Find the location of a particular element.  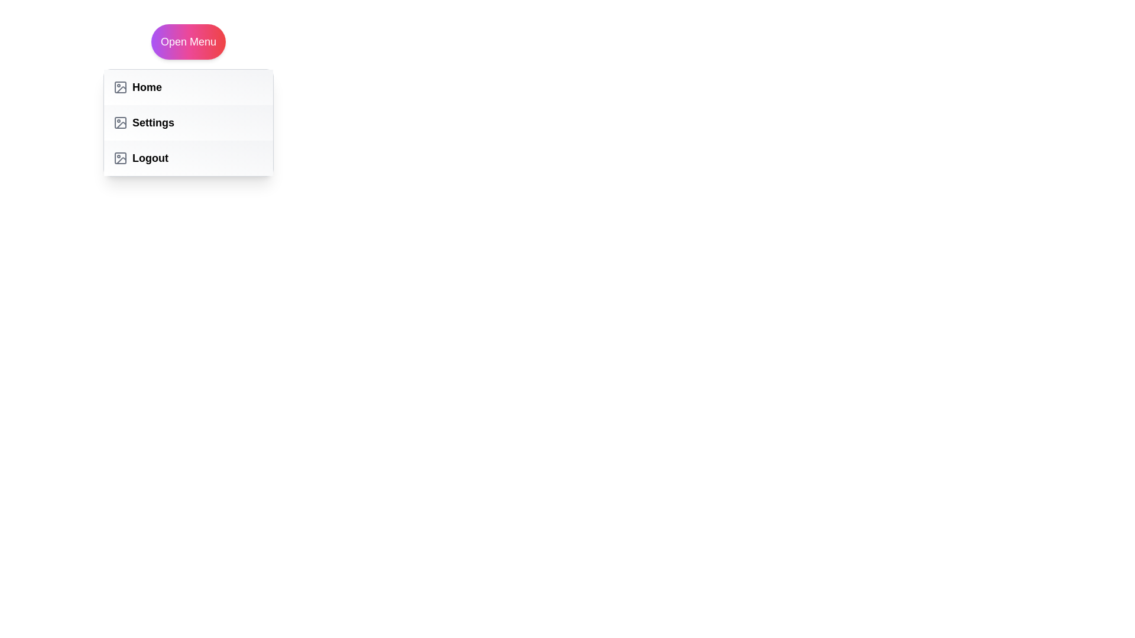

the icon next to the Settings menu item is located at coordinates (120, 123).